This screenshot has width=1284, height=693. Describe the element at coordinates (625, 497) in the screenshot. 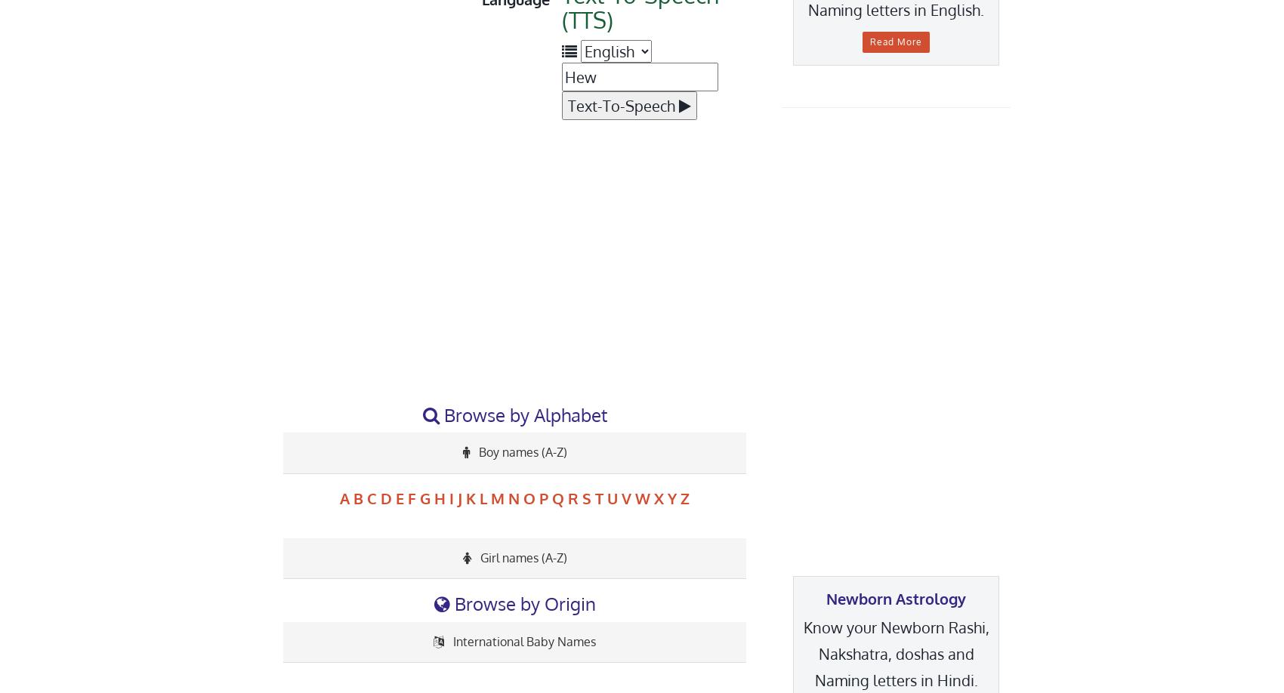

I see `'V'` at that location.